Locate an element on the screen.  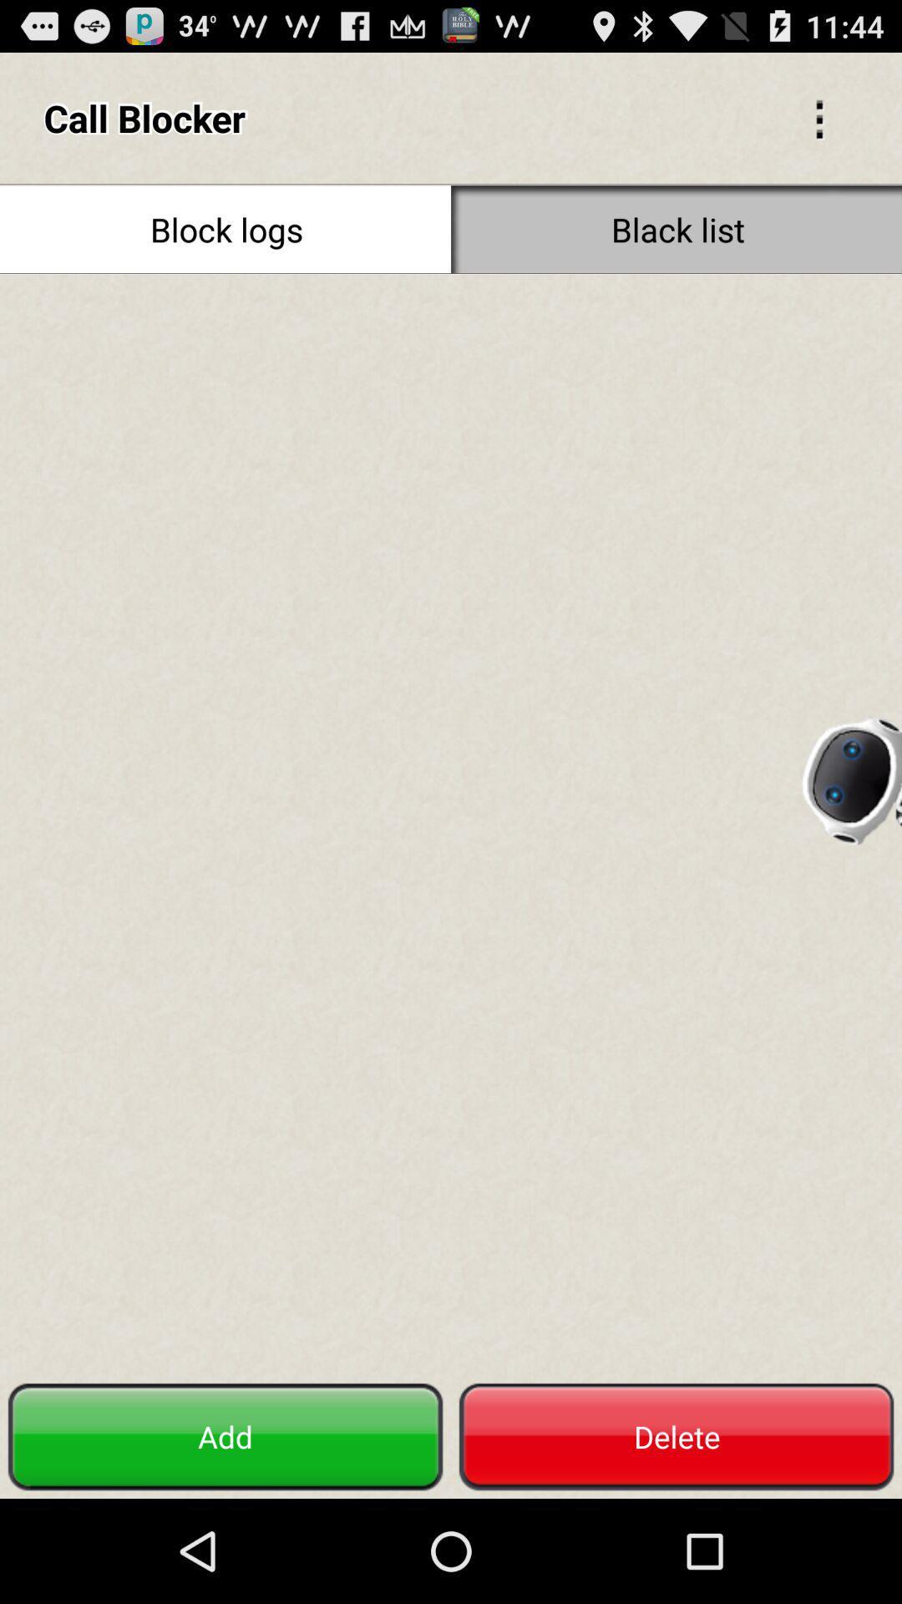
button to the left of the delete button is located at coordinates (225, 1436).